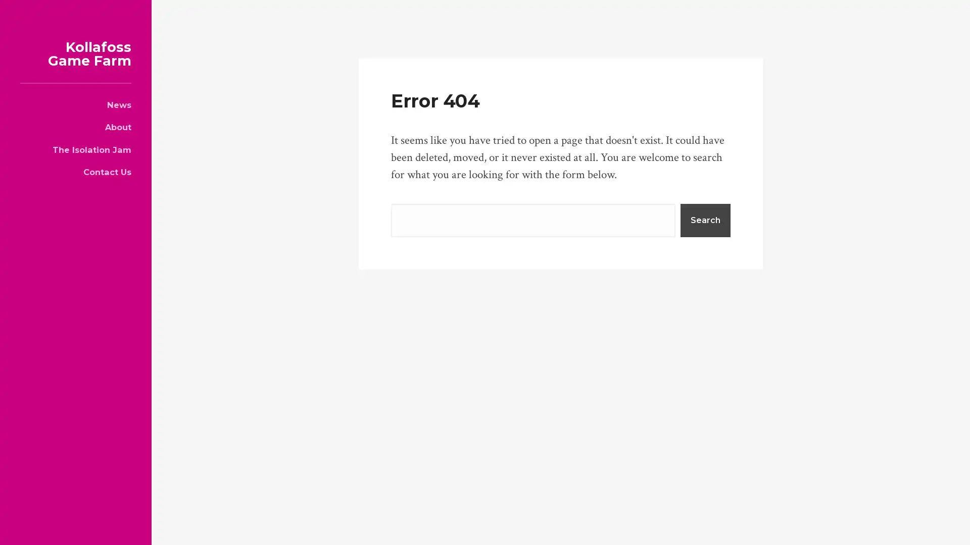  What do you see at coordinates (705, 219) in the screenshot?
I see `Search` at bounding box center [705, 219].